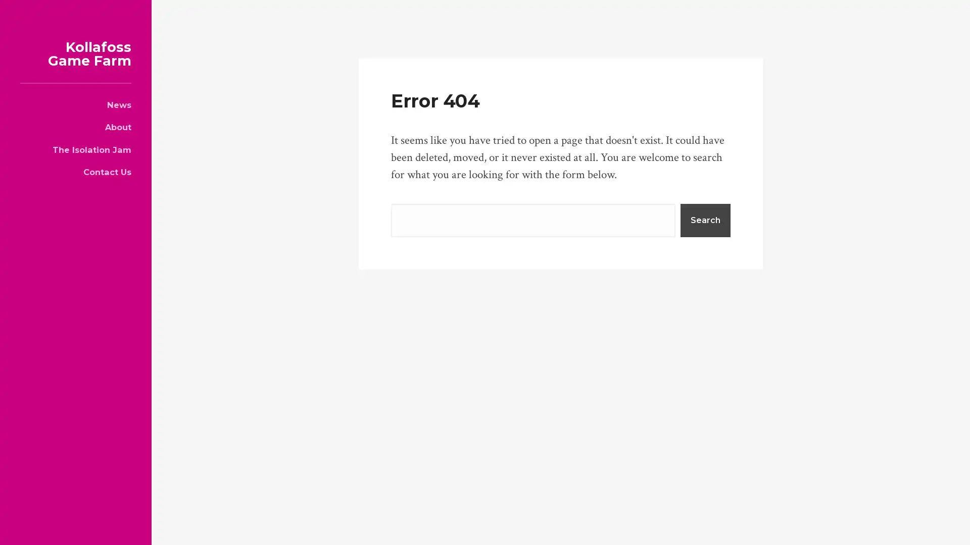  What do you see at coordinates (705, 219) in the screenshot?
I see `Search` at bounding box center [705, 219].